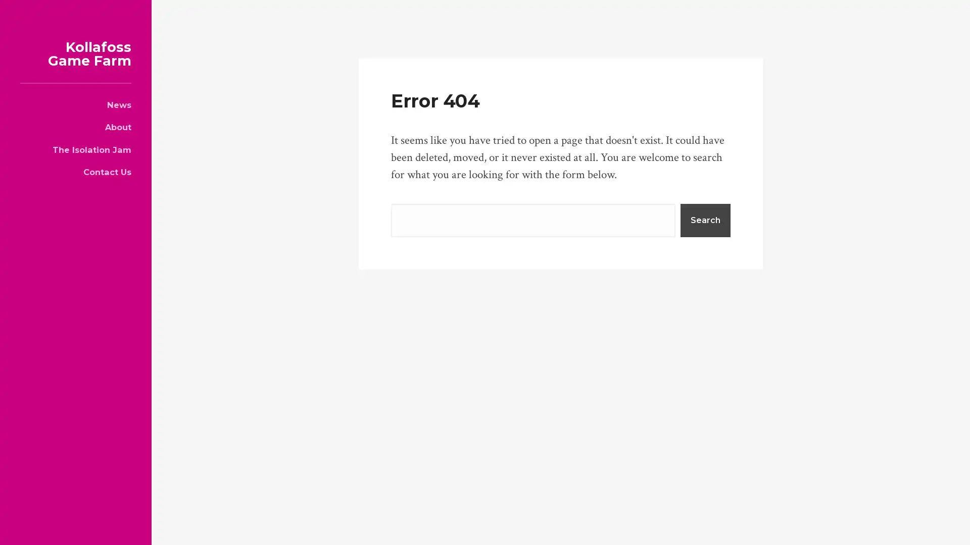  What do you see at coordinates (705, 219) in the screenshot?
I see `Search` at bounding box center [705, 219].